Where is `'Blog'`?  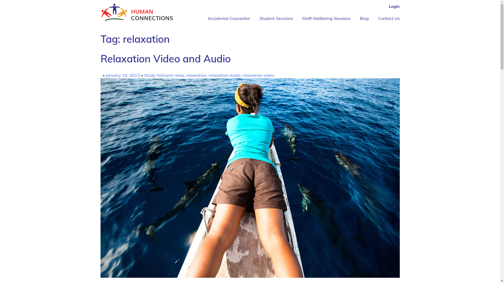
'Blog' is located at coordinates (364, 18).